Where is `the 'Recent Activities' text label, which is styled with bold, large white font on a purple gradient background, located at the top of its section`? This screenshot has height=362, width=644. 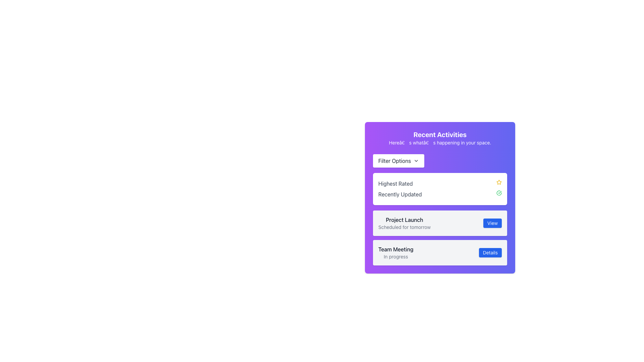 the 'Recent Activities' text label, which is styled with bold, large white font on a purple gradient background, located at the top of its section is located at coordinates (440, 134).